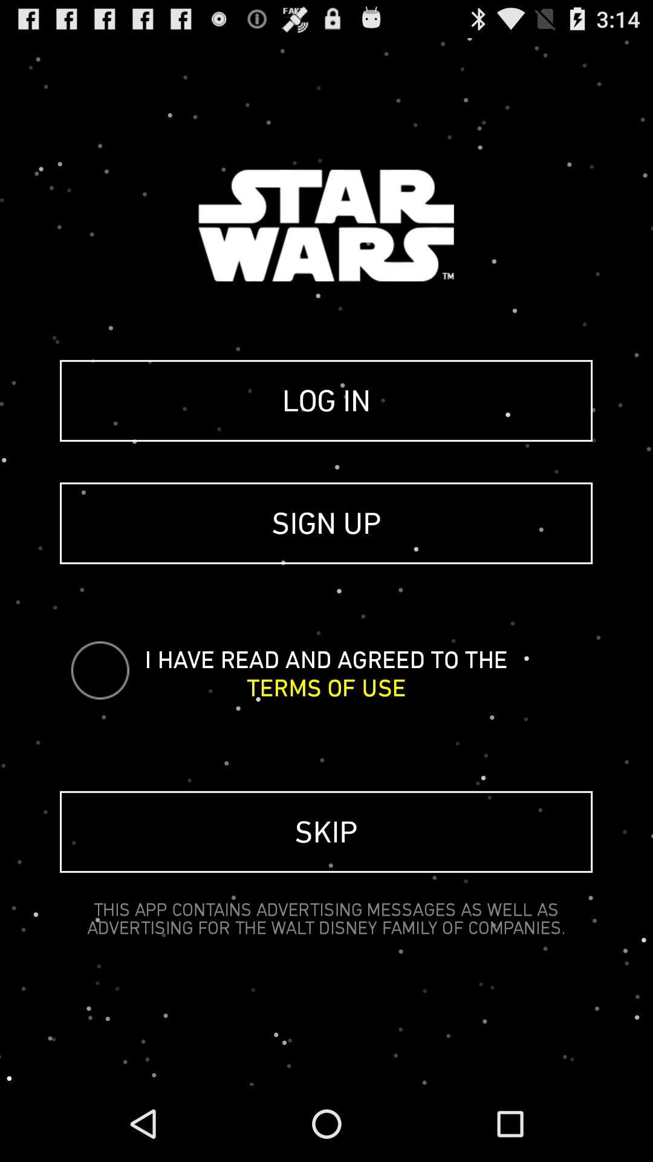 The height and width of the screenshot is (1162, 653). I want to click on sign up item, so click(325, 523).